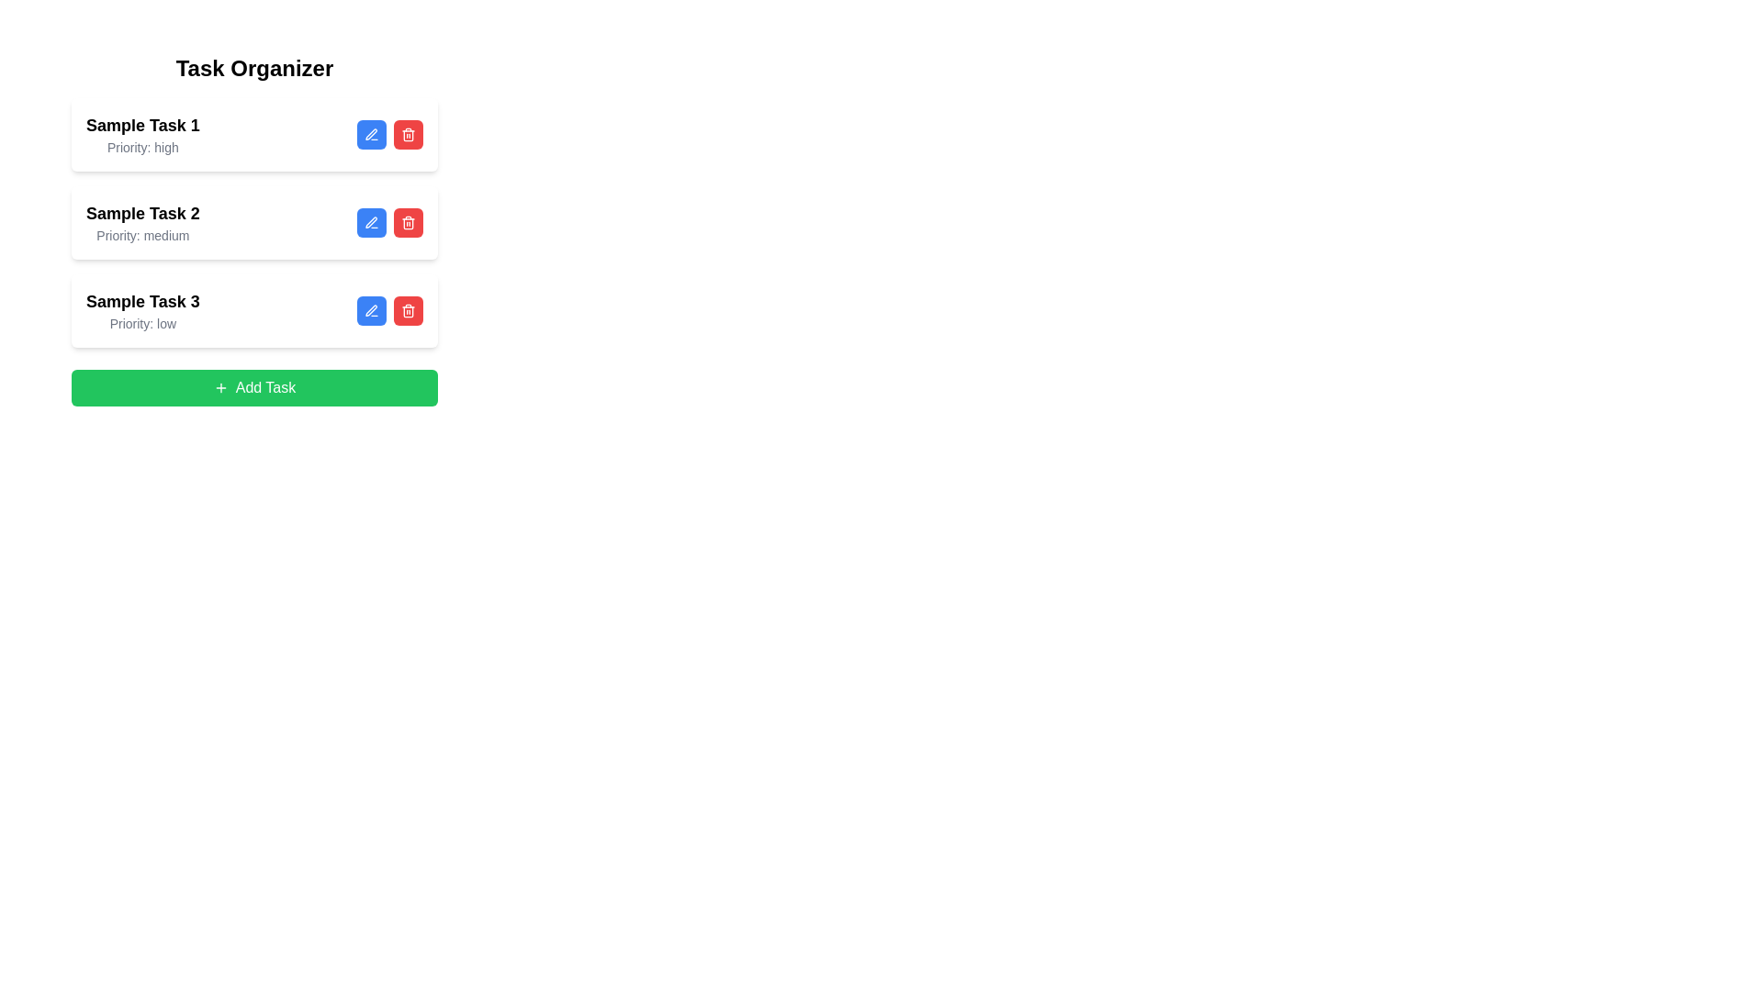 The width and height of the screenshot is (1763, 991). What do you see at coordinates (141, 300) in the screenshot?
I see `task title from the text label that displays 'Sample Task 3', which is styled in bold and larger font within the third task card, located above the 'Priority: low' text` at bounding box center [141, 300].